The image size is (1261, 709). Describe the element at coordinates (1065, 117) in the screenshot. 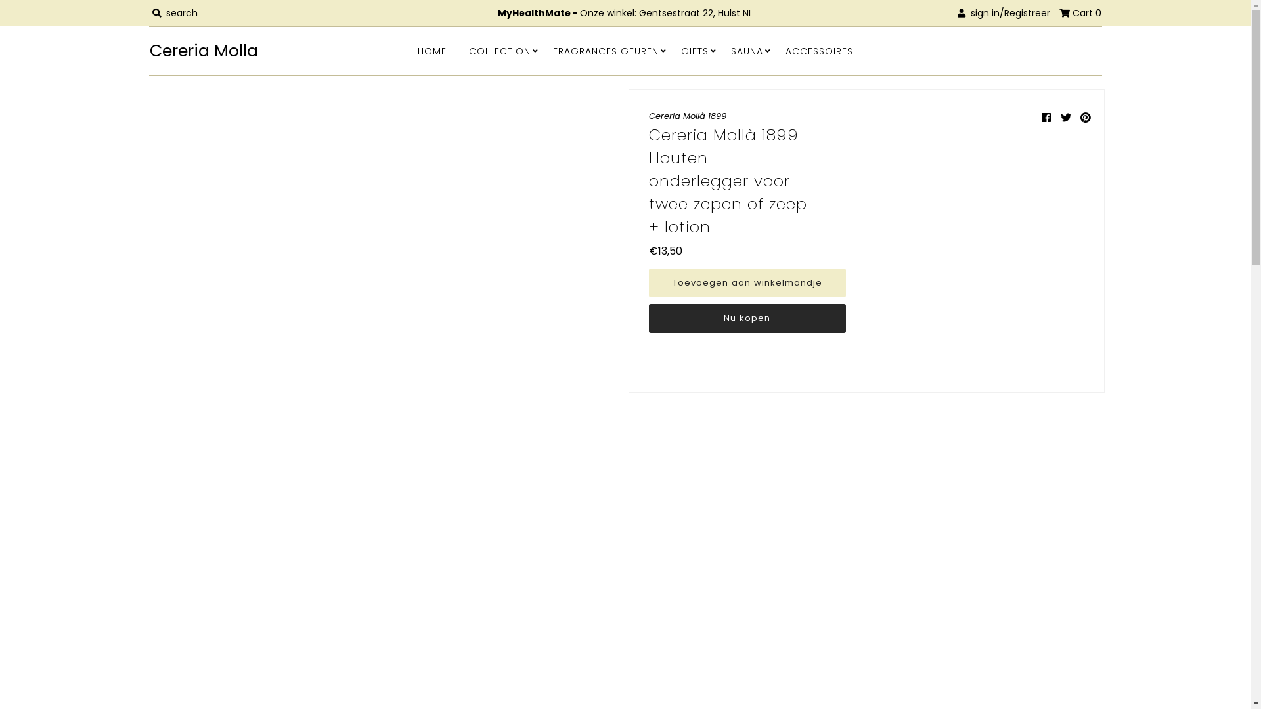

I see `'Share on Twitter'` at that location.